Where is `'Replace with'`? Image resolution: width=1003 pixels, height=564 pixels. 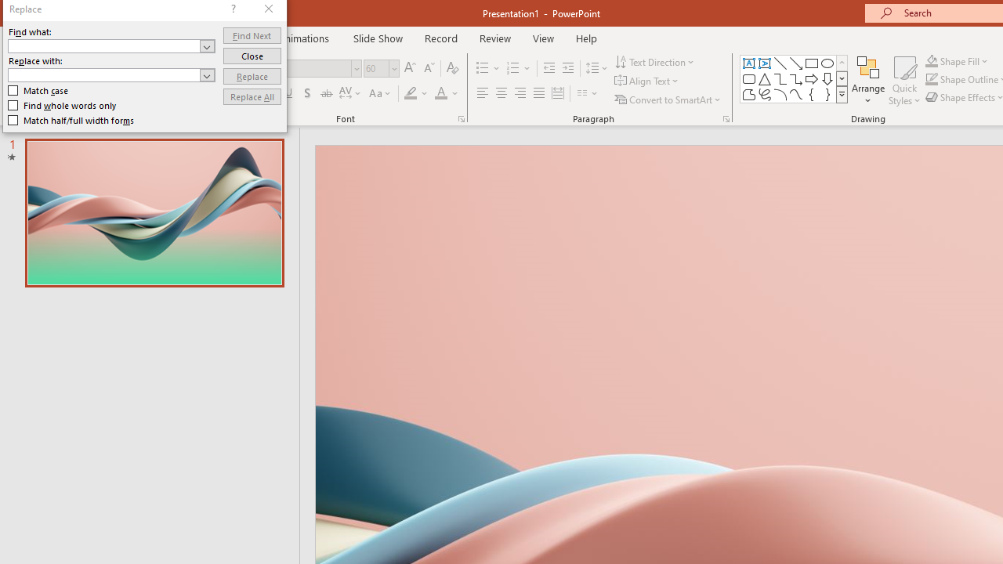
'Replace with' is located at coordinates (103, 74).